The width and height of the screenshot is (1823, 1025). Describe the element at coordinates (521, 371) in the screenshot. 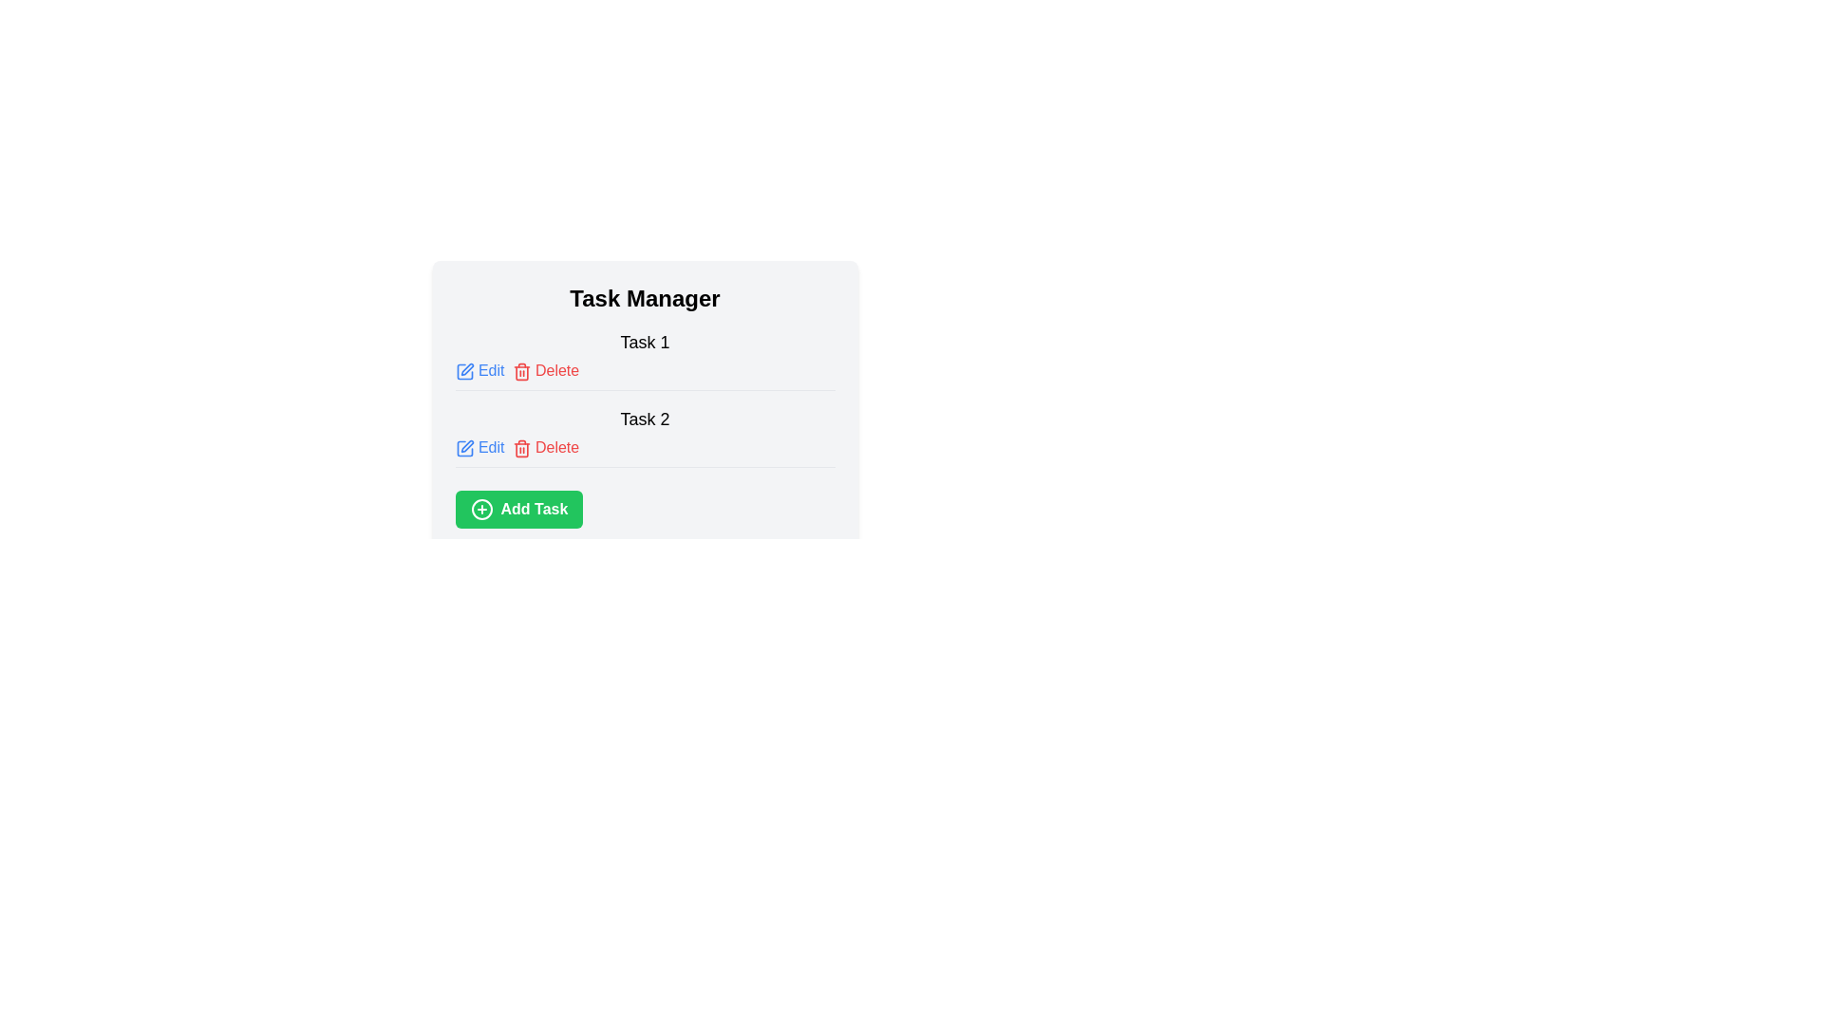

I see `the 'Delete' icon associated with 'Task 1'` at that location.